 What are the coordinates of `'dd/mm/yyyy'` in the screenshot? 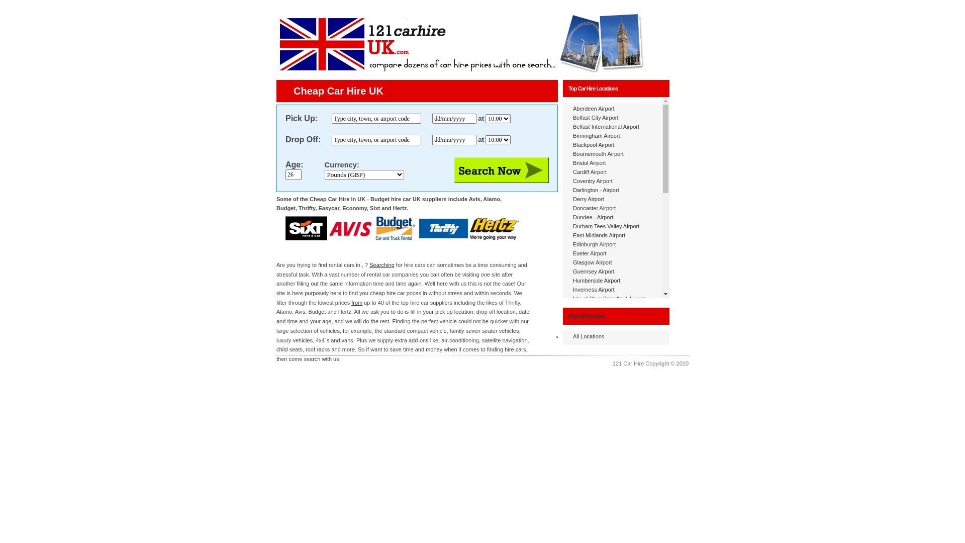 It's located at (453, 118).